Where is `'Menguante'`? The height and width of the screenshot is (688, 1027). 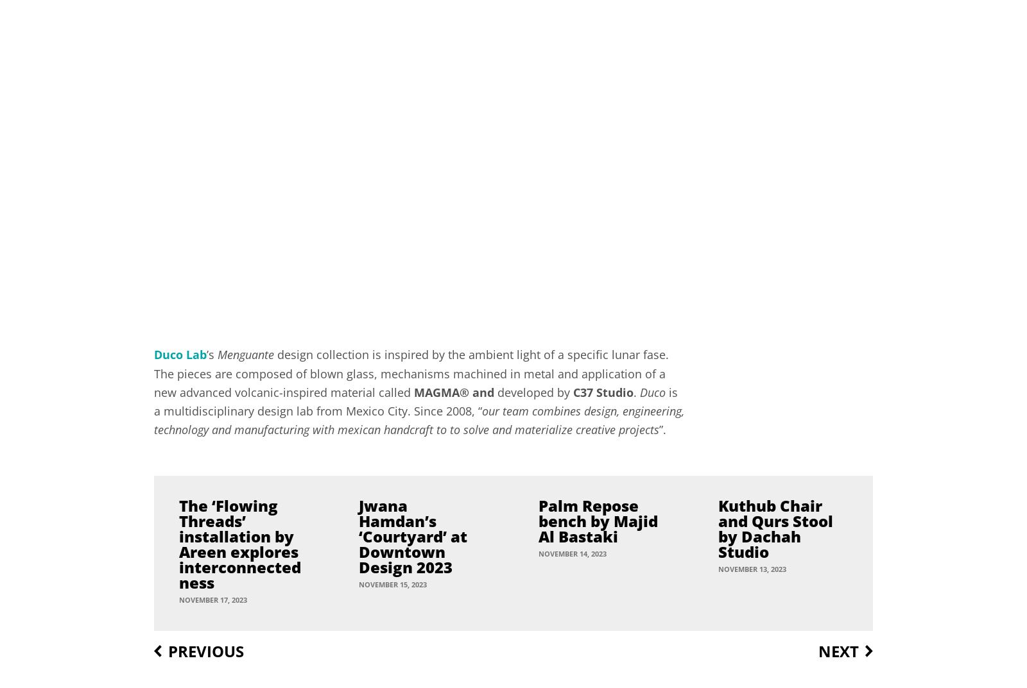 'Menguante' is located at coordinates (246, 355).